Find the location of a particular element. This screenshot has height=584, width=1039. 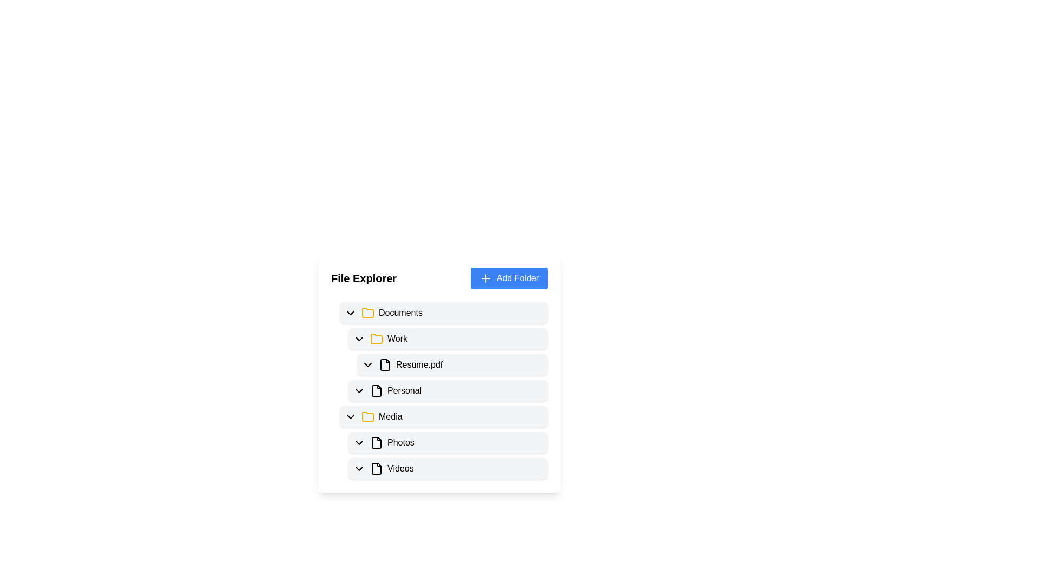

the 'Documents' button, which is the first item under the 'File Explorer' section is located at coordinates (444, 313).